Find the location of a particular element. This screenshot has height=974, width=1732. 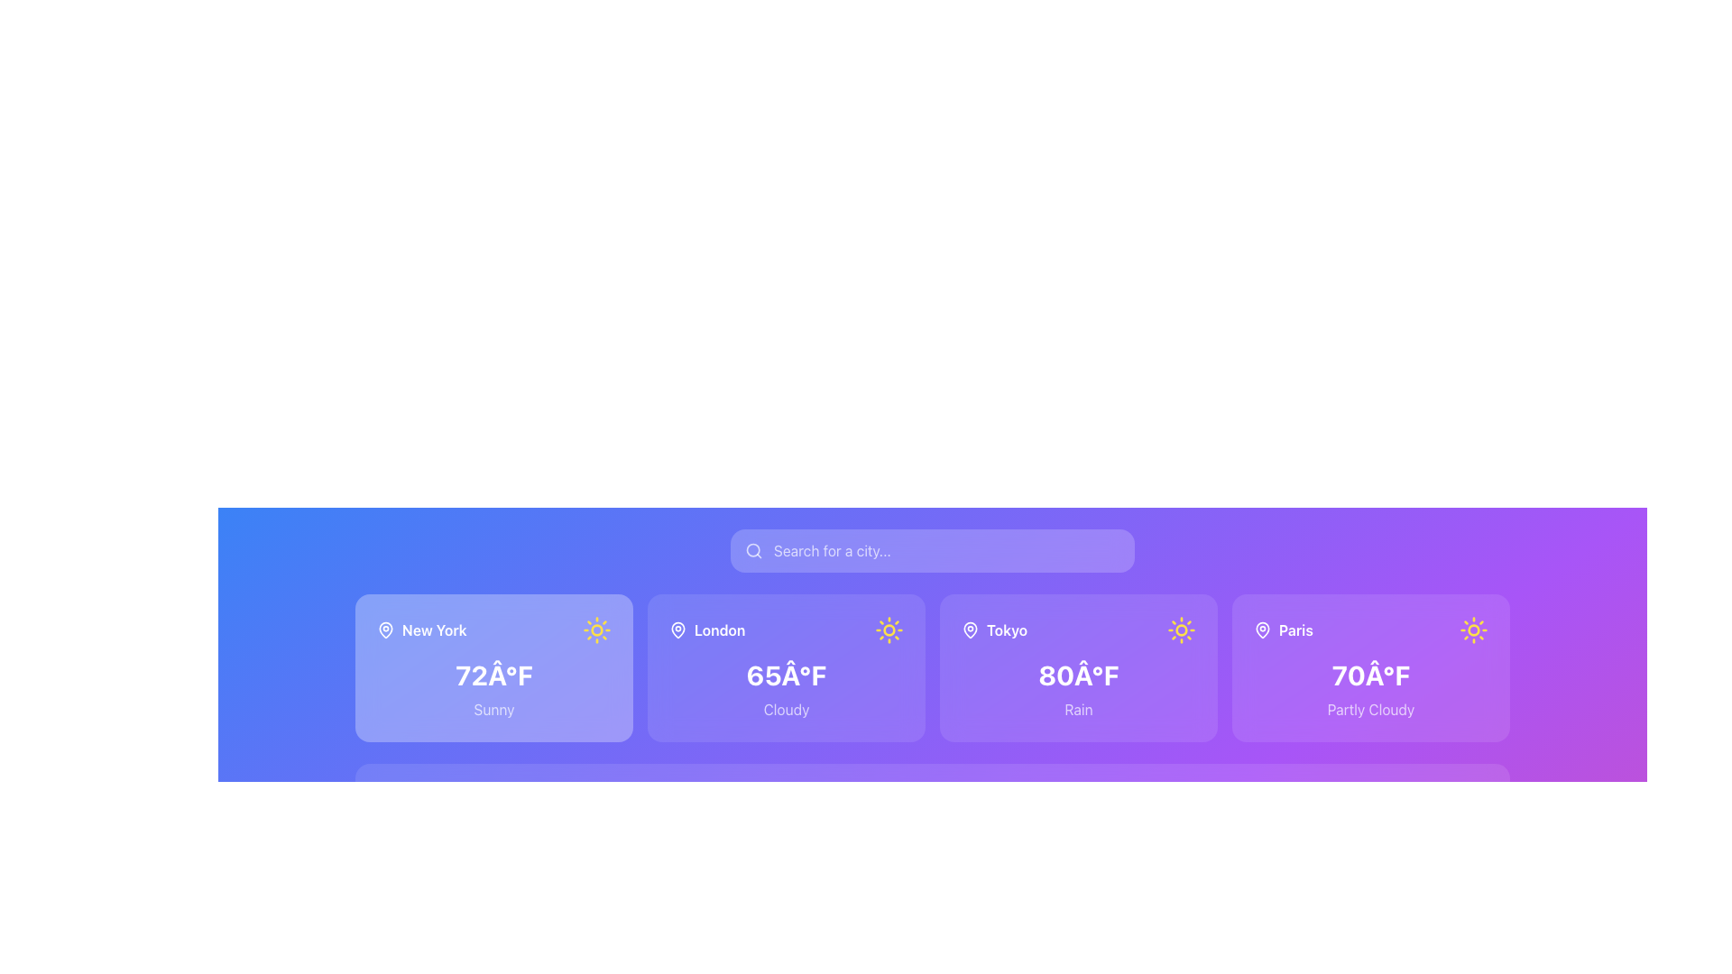

the weather condition indicated by the Text label showing 'Rain' for the city of Tokyo, located below the '80°F' temperature text within the weather card is located at coordinates (1078, 708).